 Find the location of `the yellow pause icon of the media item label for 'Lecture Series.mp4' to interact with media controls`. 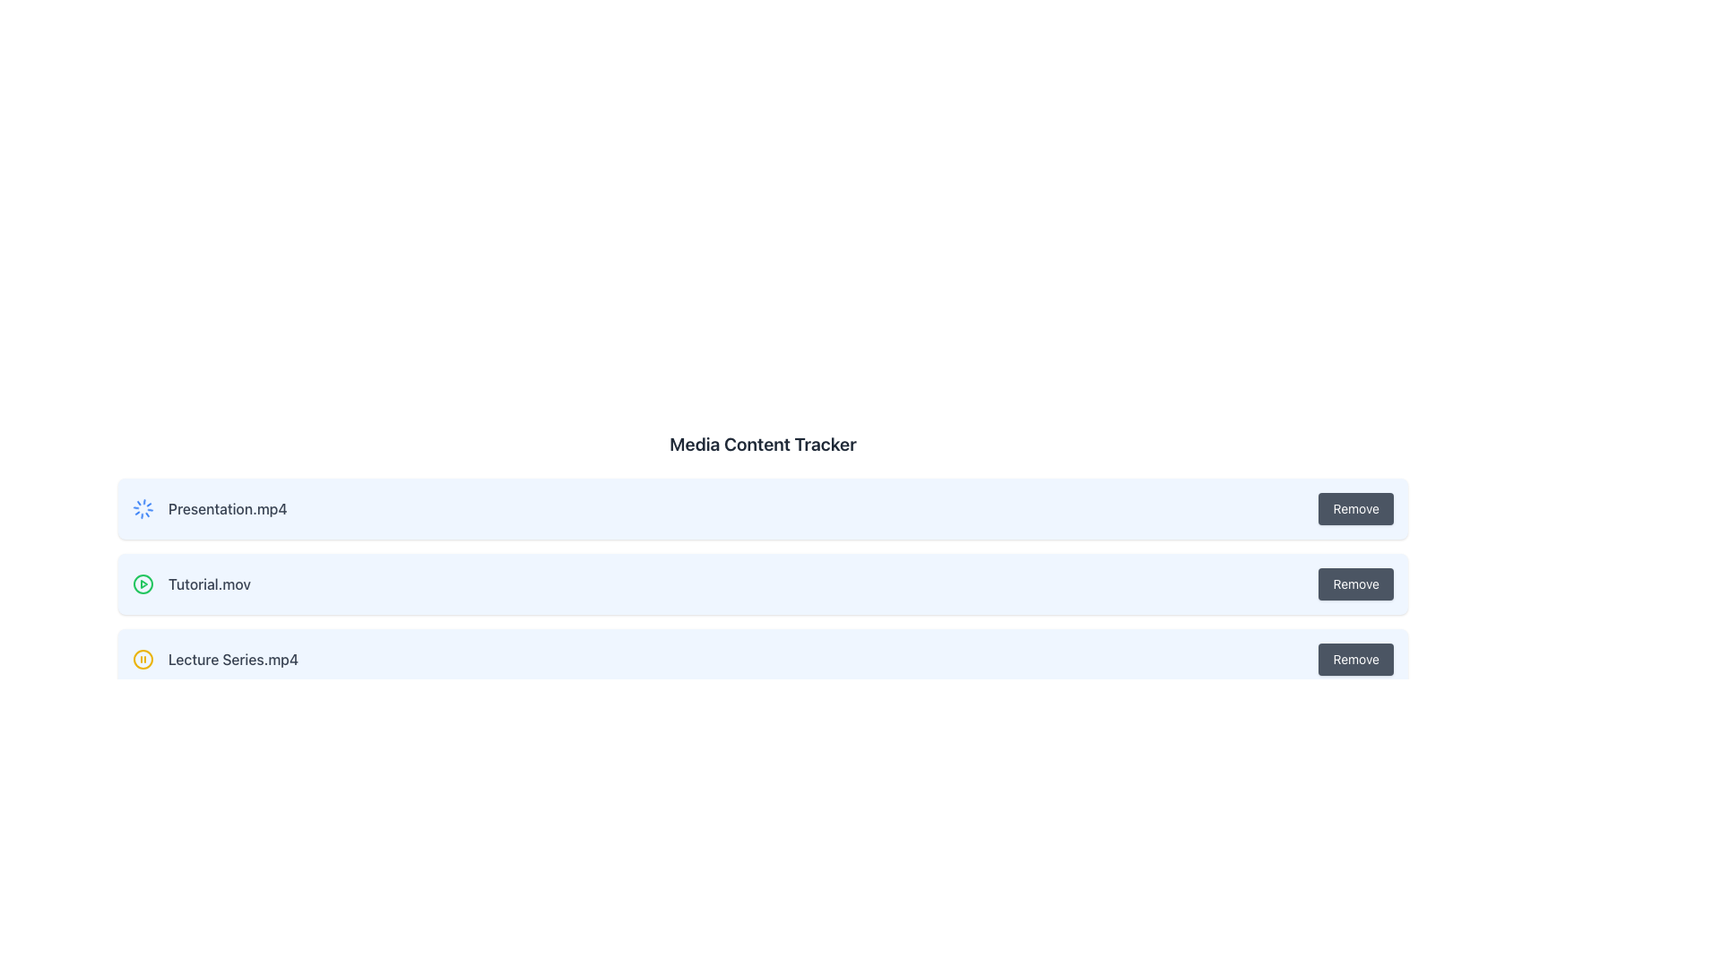

the yellow pause icon of the media item label for 'Lecture Series.mp4' to interact with media controls is located at coordinates (215, 660).